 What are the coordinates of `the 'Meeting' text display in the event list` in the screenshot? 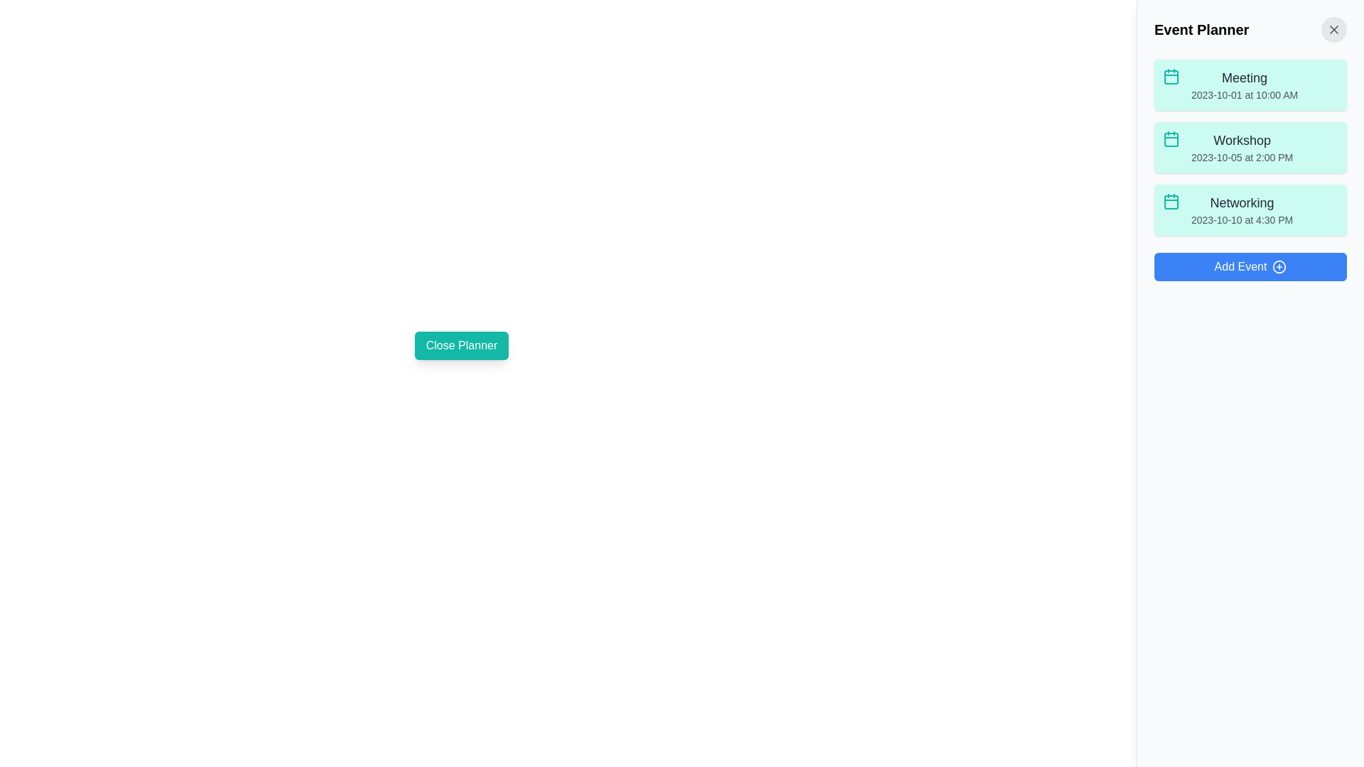 It's located at (1244, 85).